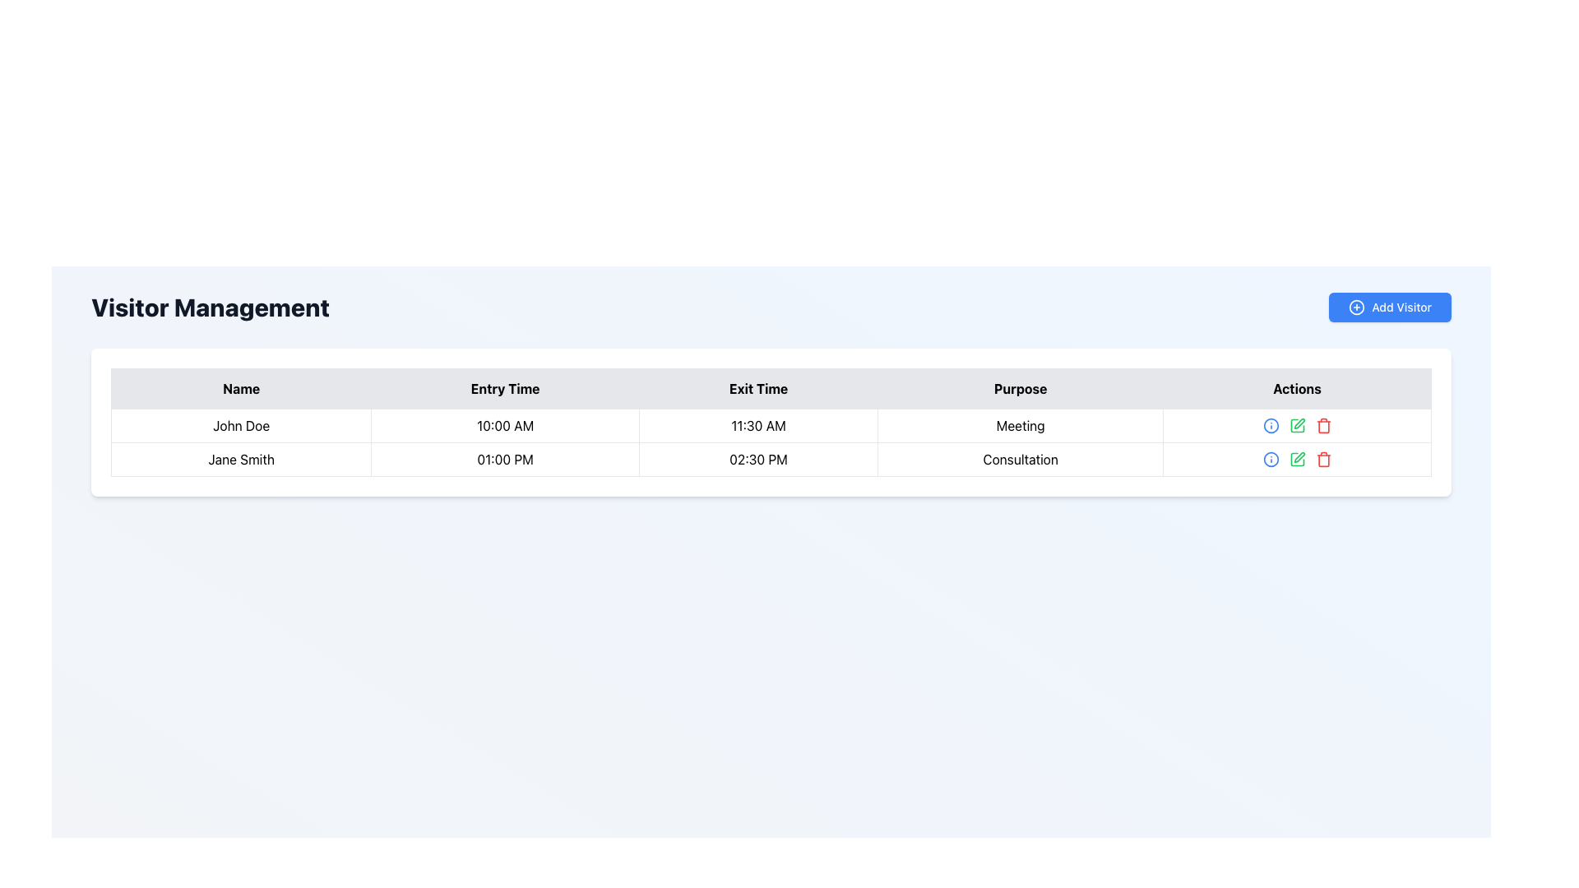 Image resolution: width=1579 pixels, height=888 pixels. Describe the element at coordinates (1270, 460) in the screenshot. I see `the Circle icon in the 'Actions' column of the second row next to 'Jane Smith's' entry` at that location.